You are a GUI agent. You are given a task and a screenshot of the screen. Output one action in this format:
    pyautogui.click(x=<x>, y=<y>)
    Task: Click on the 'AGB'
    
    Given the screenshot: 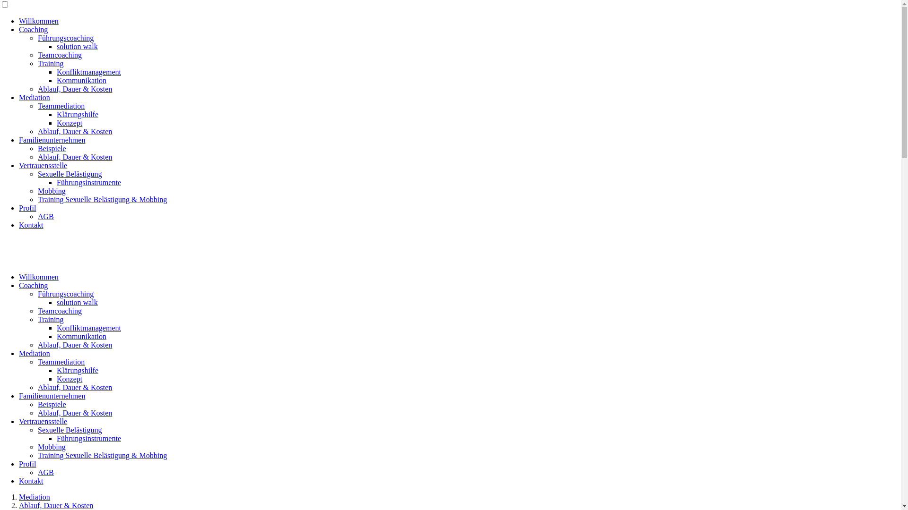 What is the action you would take?
    pyautogui.click(x=38, y=216)
    